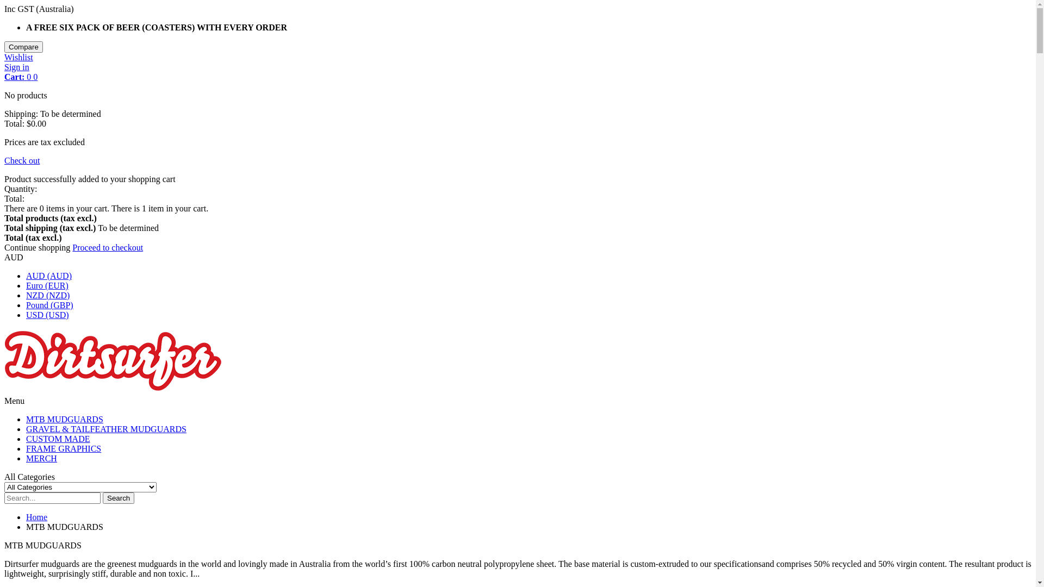 The height and width of the screenshot is (587, 1044). What do you see at coordinates (46, 285) in the screenshot?
I see `'Euro (EUR)'` at bounding box center [46, 285].